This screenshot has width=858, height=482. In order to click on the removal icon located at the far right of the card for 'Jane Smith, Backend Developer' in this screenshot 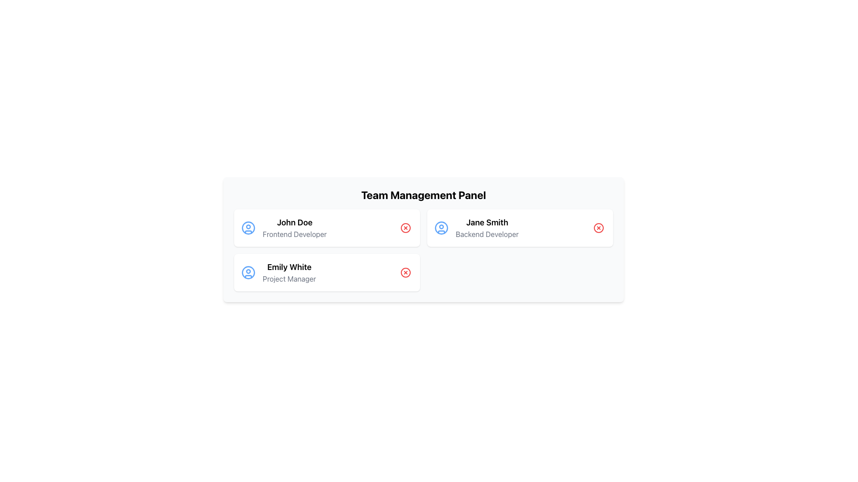, I will do `click(598, 227)`.